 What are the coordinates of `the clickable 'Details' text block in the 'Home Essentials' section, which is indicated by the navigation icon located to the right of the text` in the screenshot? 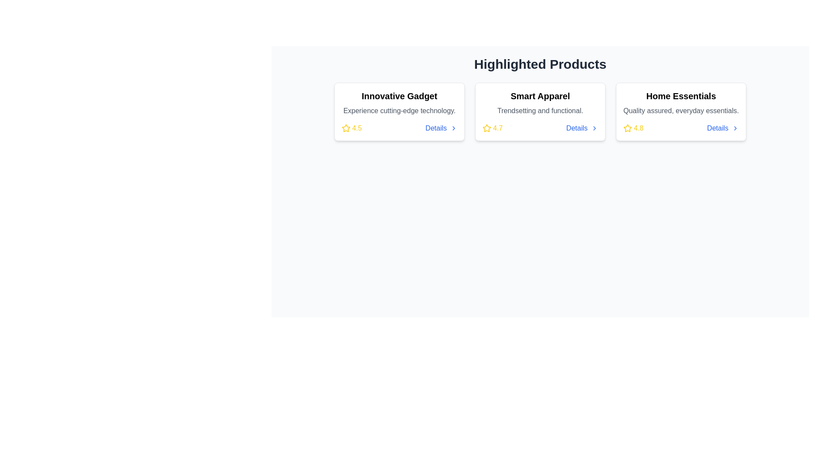 It's located at (735, 128).